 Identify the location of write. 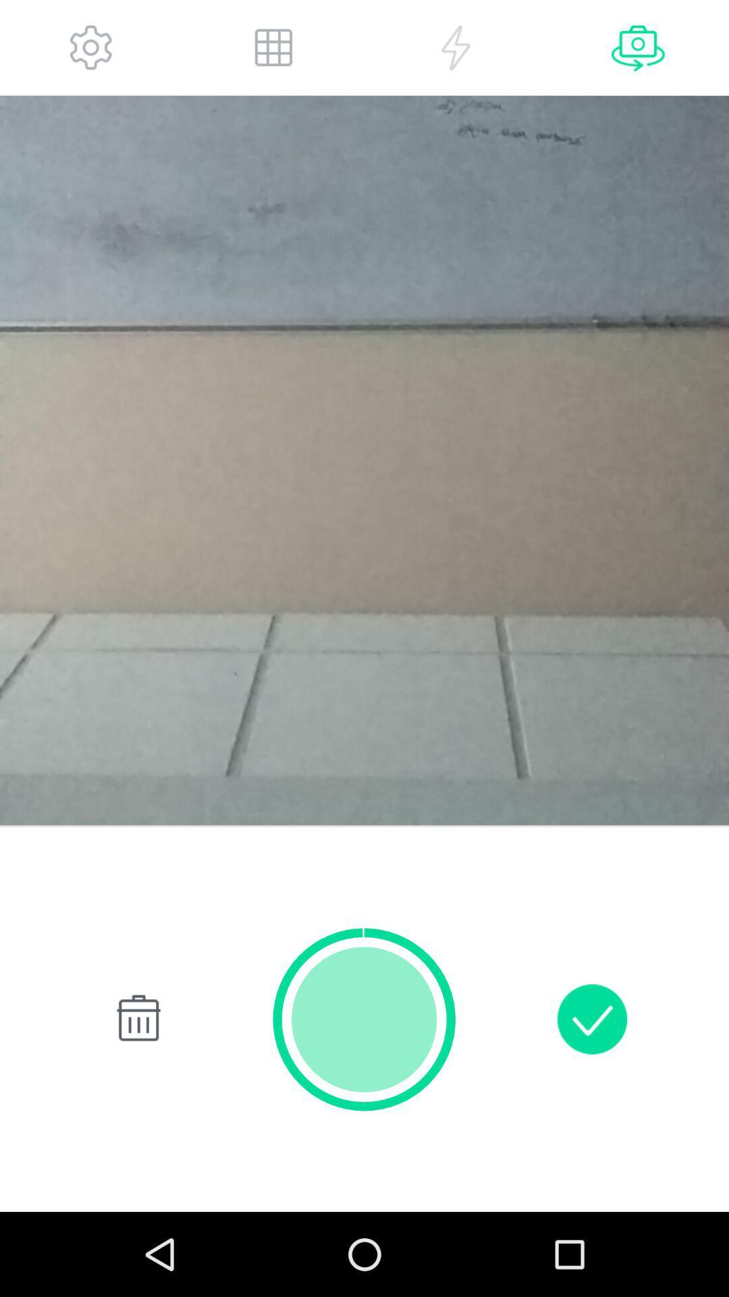
(591, 1019).